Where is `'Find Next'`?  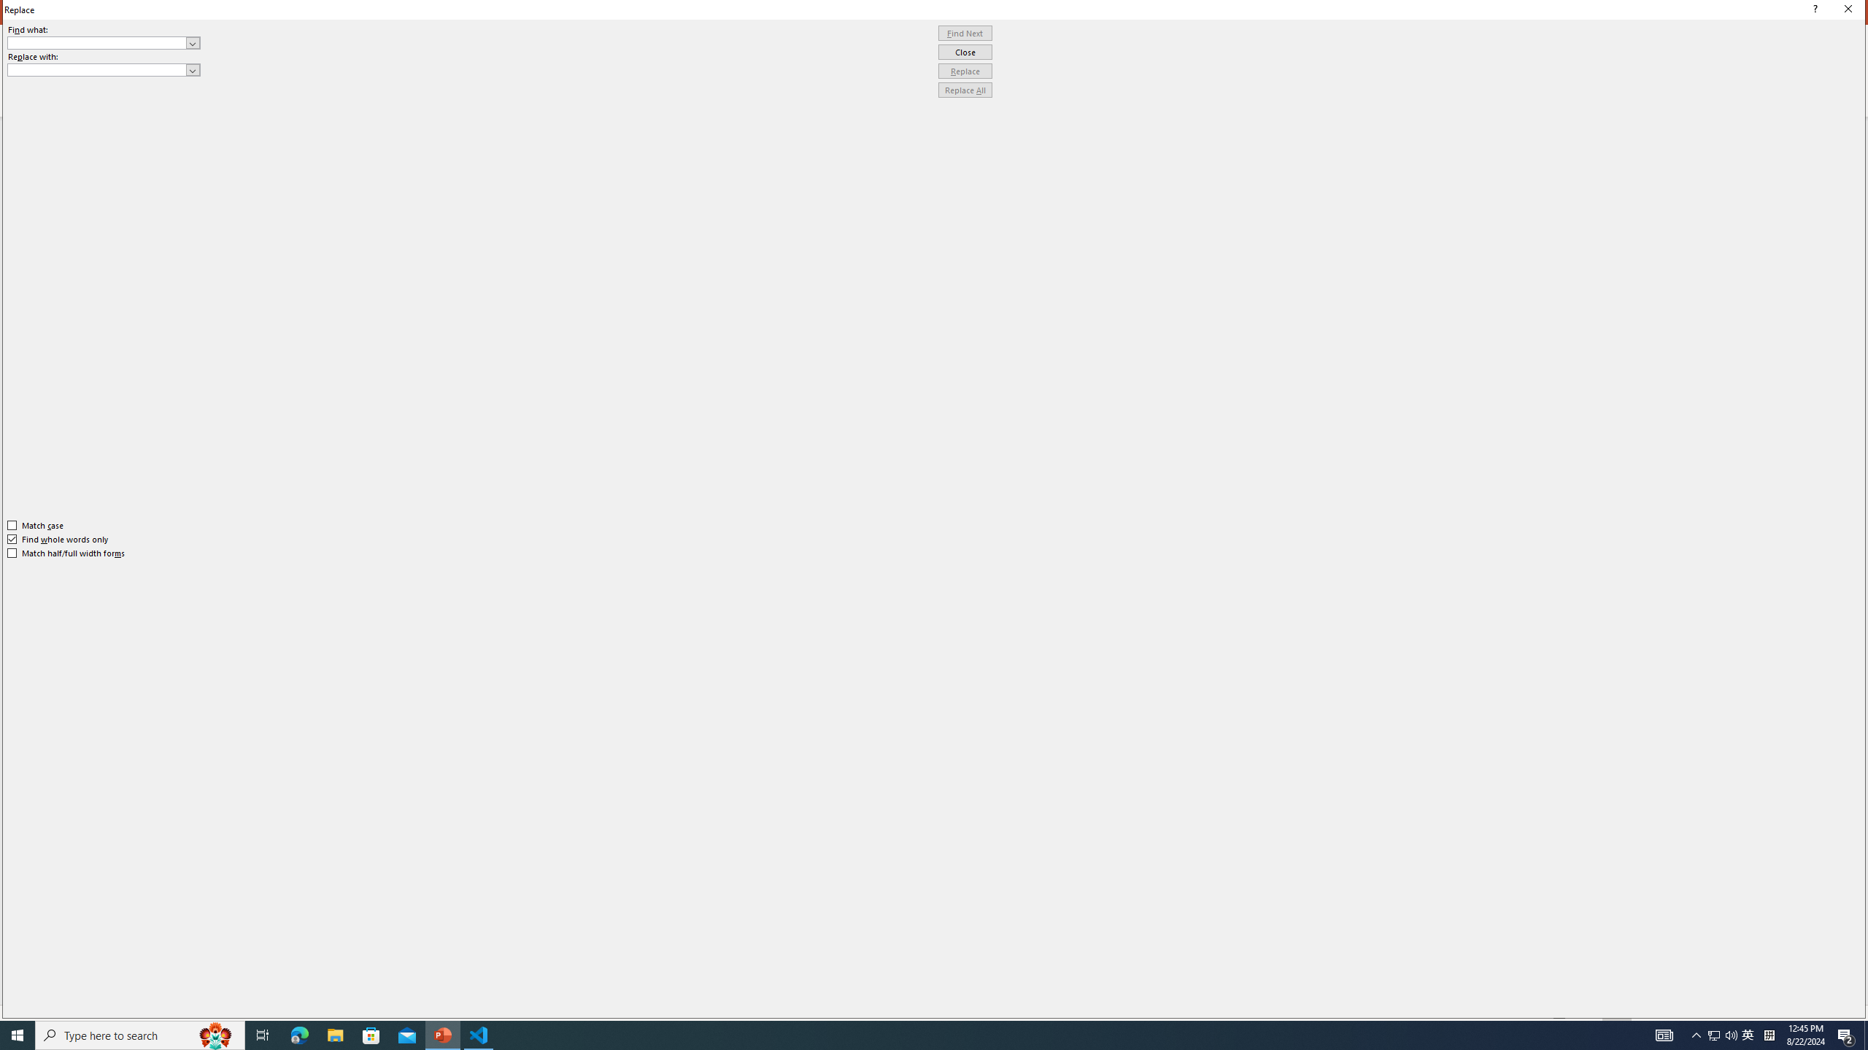 'Find Next' is located at coordinates (965, 33).